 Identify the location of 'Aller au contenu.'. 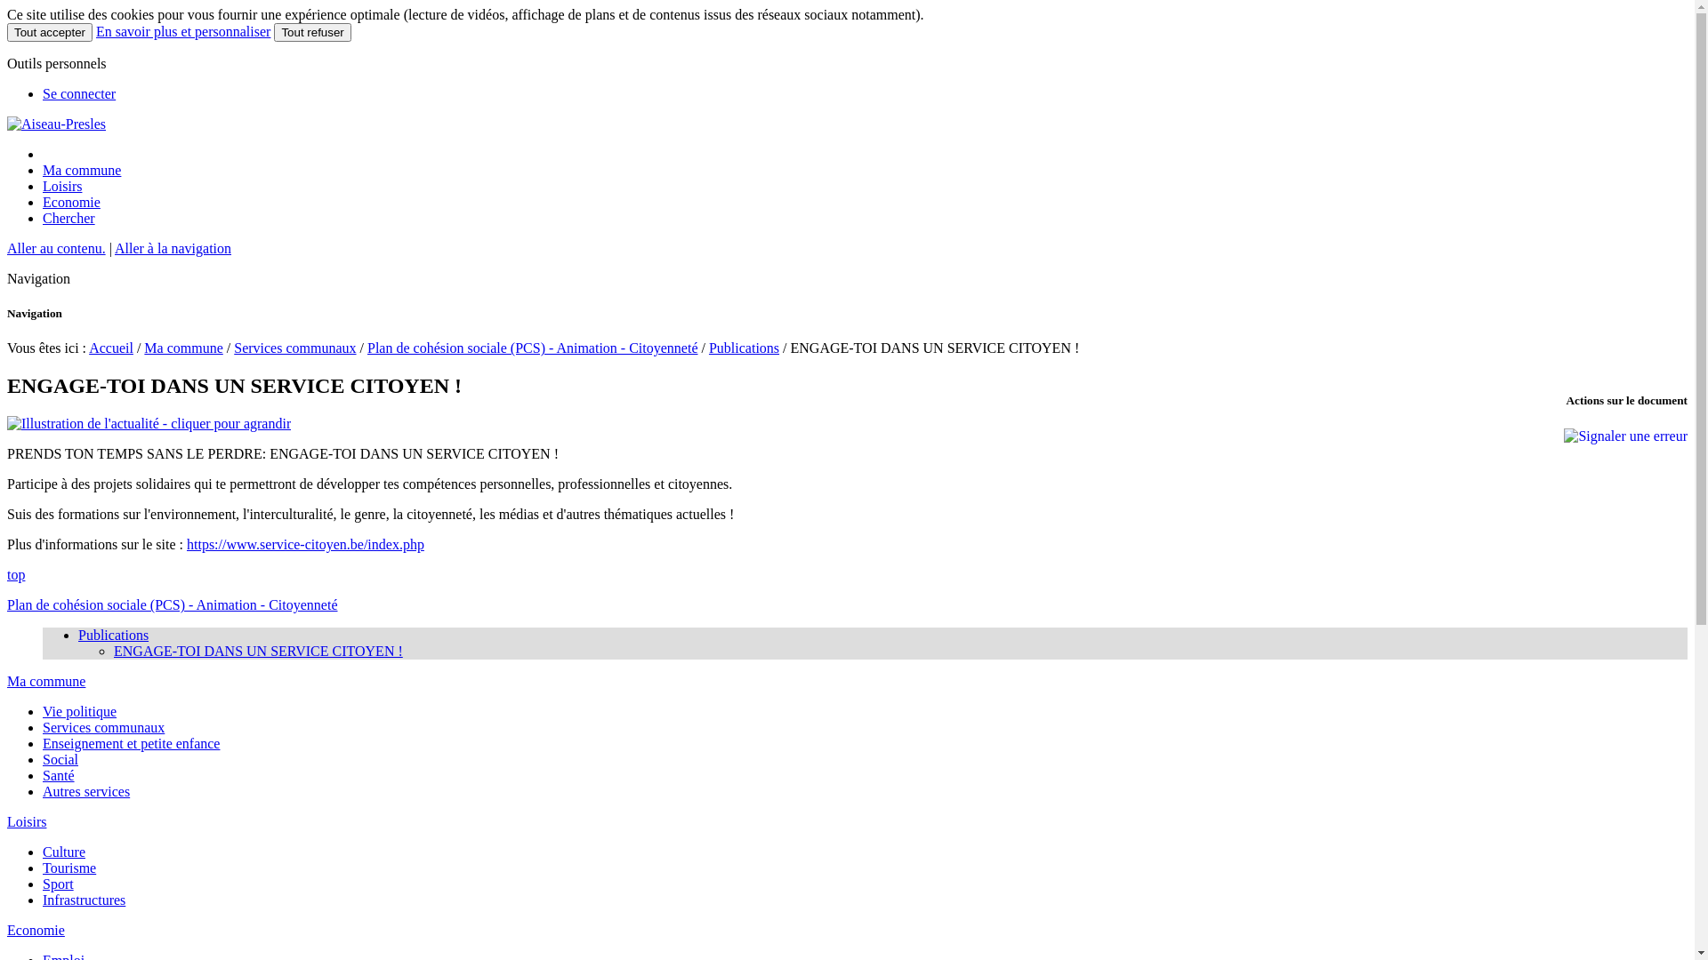
(56, 248).